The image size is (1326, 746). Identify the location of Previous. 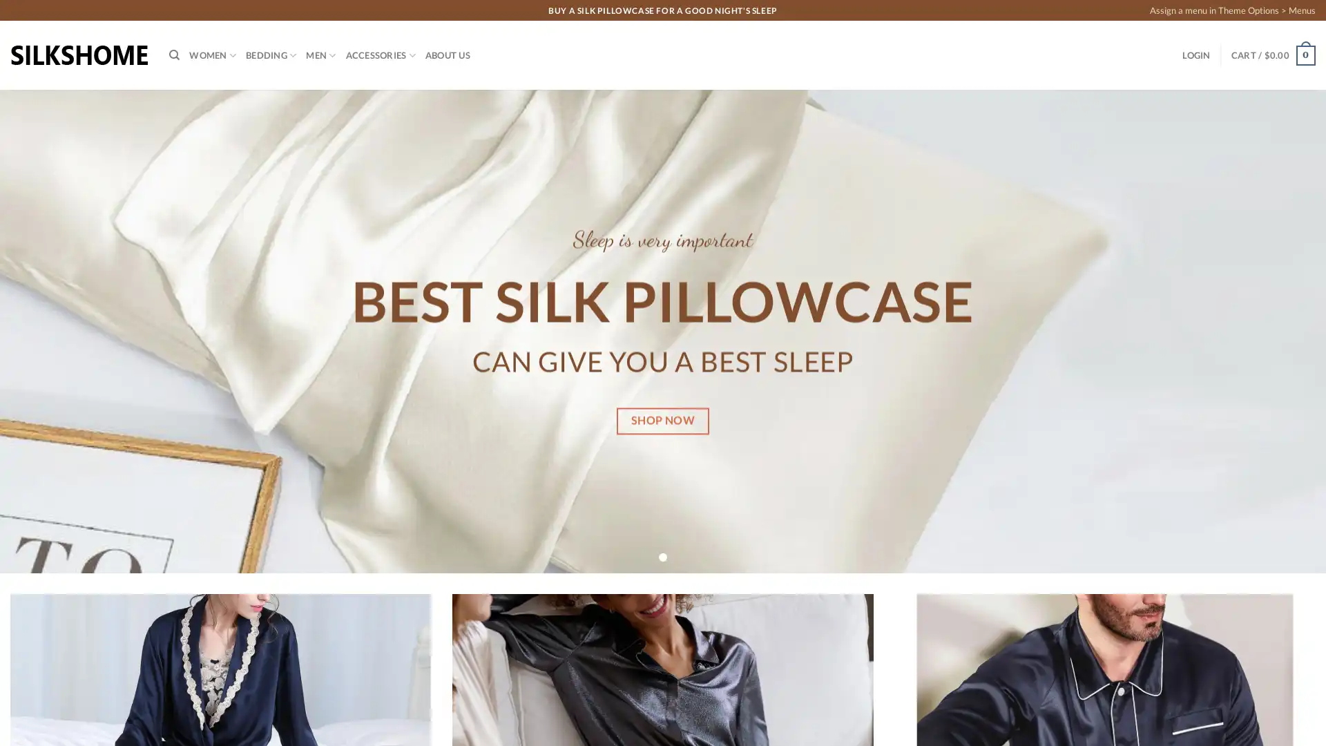
(43, 331).